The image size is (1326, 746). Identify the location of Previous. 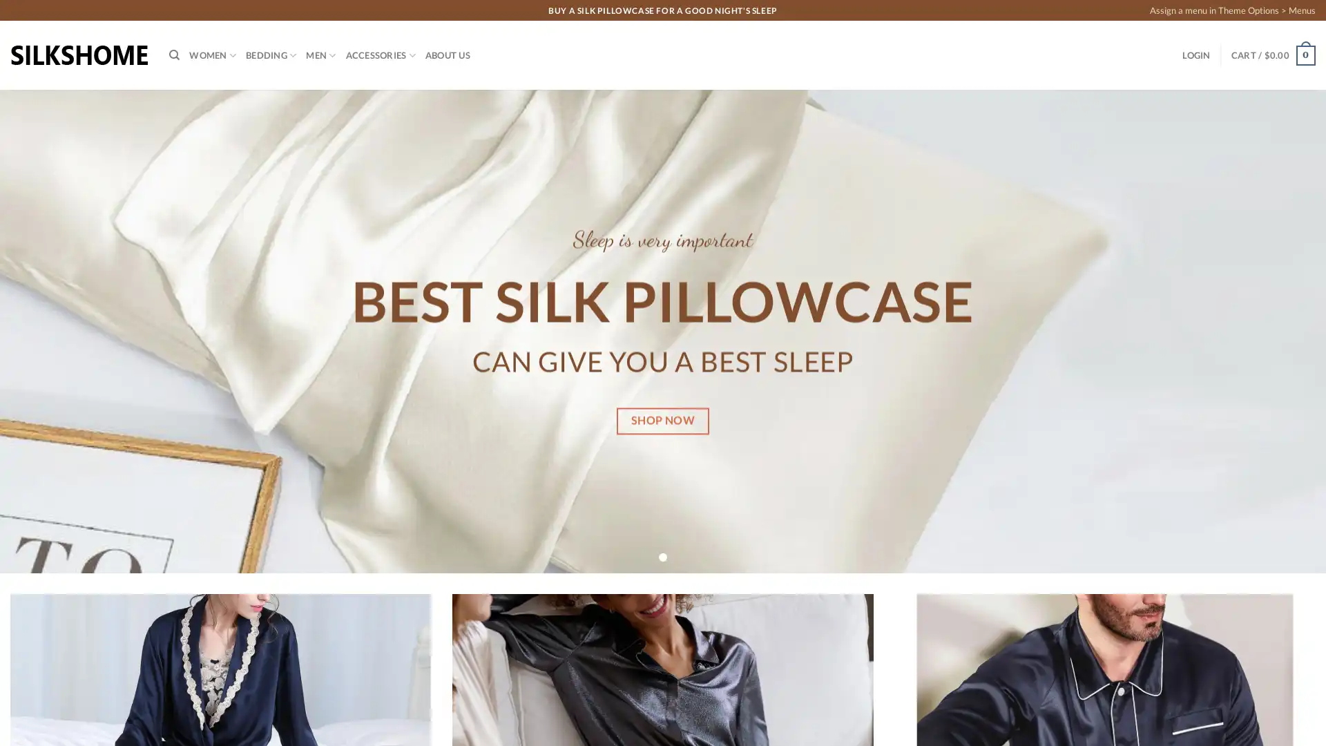
(43, 331).